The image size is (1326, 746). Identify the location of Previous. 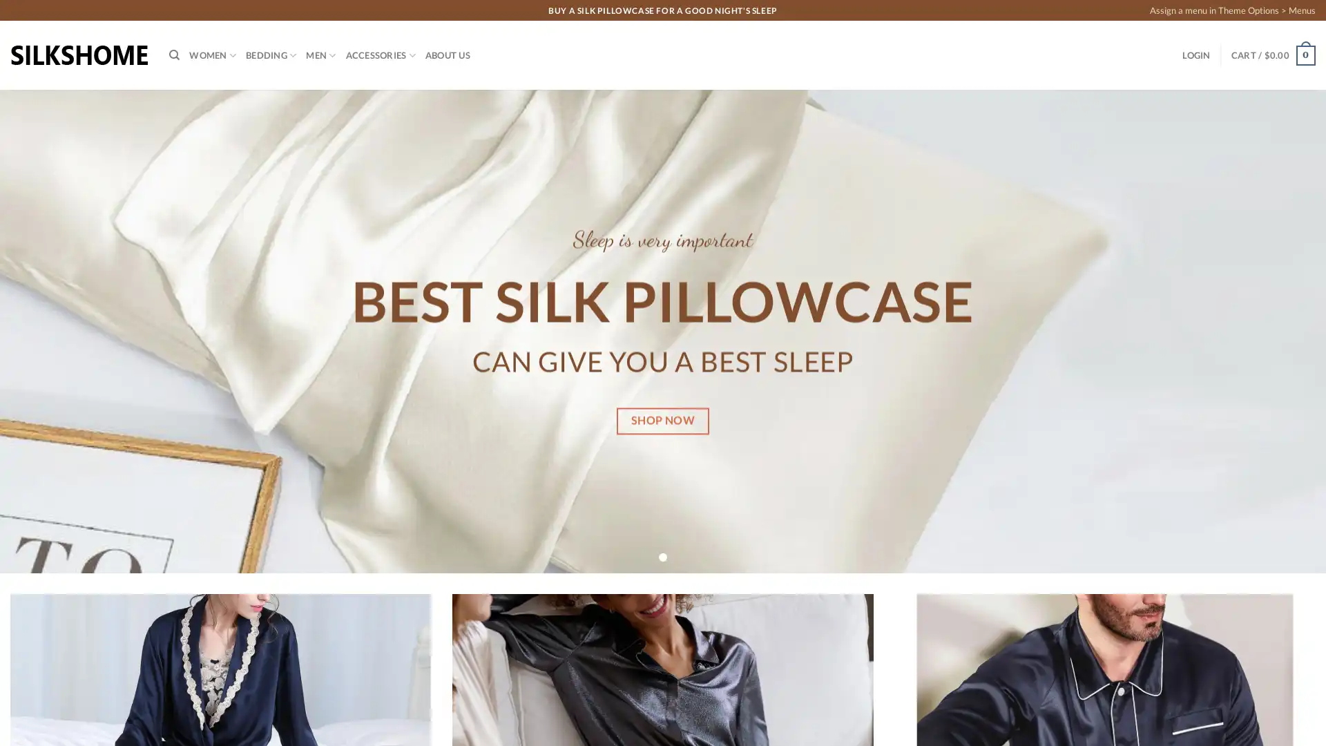
(43, 331).